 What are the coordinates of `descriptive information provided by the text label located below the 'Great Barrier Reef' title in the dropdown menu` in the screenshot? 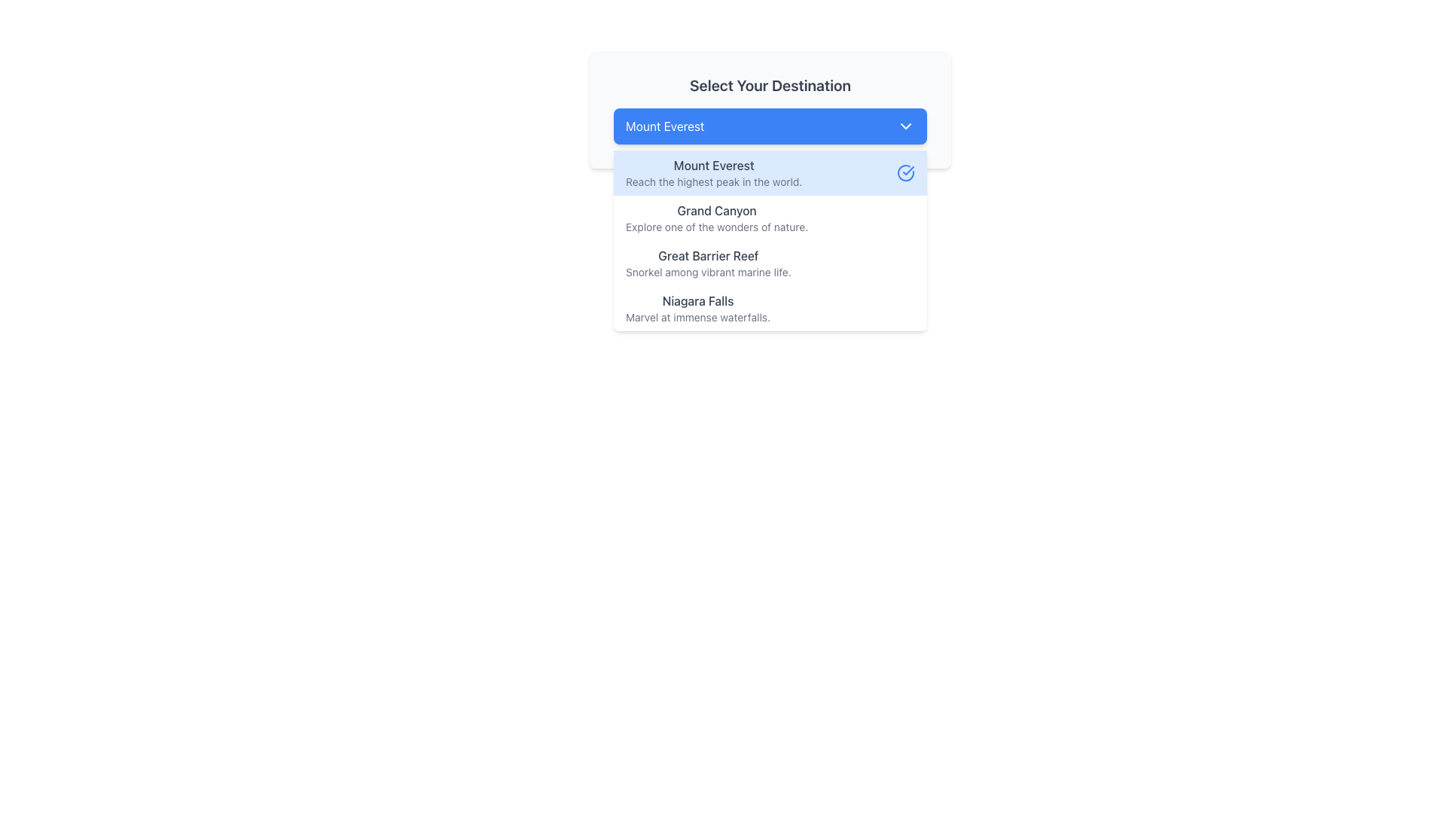 It's located at (707, 273).